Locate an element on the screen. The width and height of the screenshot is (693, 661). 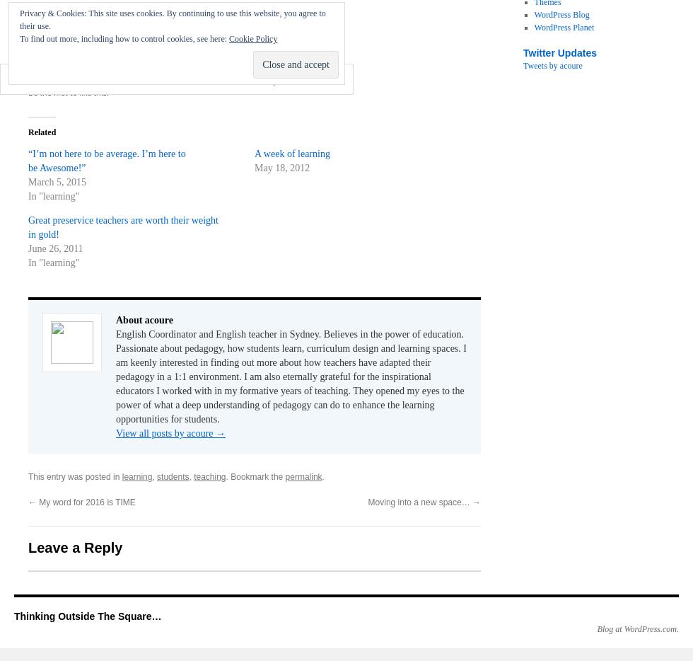
'Leave a Reply' is located at coordinates (28, 547).